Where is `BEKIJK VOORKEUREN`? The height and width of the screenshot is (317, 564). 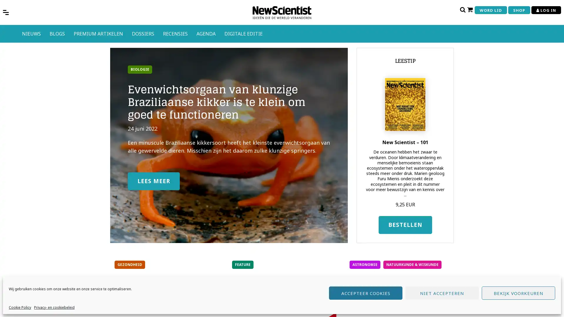
BEKIJK VOORKEUREN is located at coordinates (518, 293).